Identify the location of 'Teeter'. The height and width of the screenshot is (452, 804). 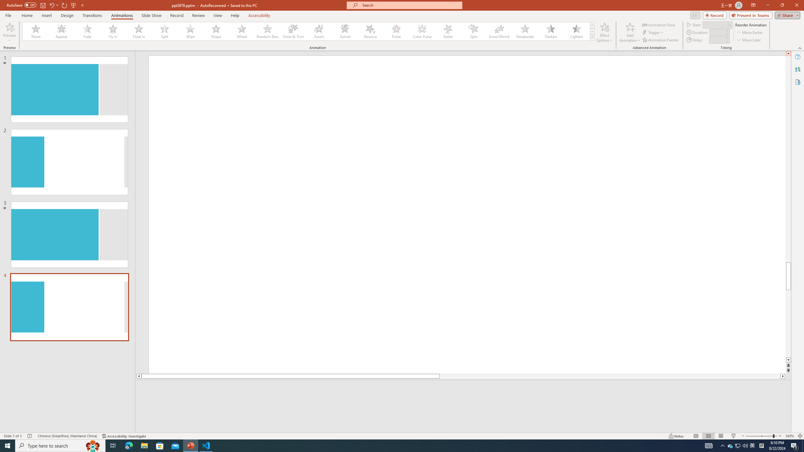
(447, 31).